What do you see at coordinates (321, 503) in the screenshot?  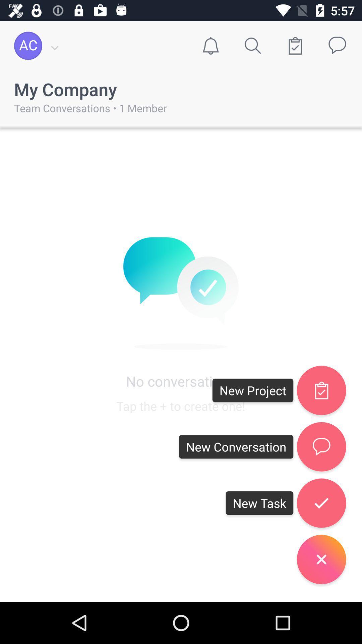 I see `the check icon` at bounding box center [321, 503].